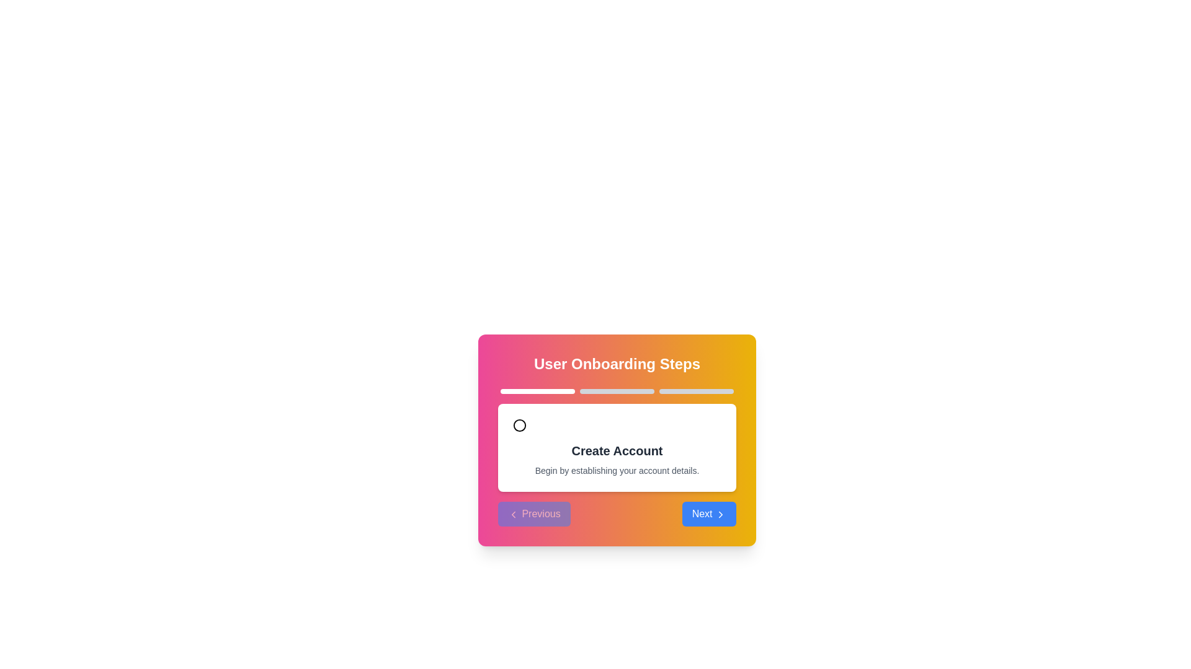  What do you see at coordinates (617, 451) in the screenshot?
I see `the text element that says 'Create Account', which is centrally located in a white card on the onboarding interface` at bounding box center [617, 451].